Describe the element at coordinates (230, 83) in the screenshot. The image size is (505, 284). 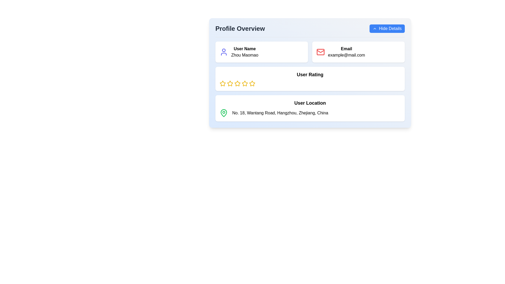
I see `the third star icon from the left in the 'User Rating' field to make it a selected rating` at that location.